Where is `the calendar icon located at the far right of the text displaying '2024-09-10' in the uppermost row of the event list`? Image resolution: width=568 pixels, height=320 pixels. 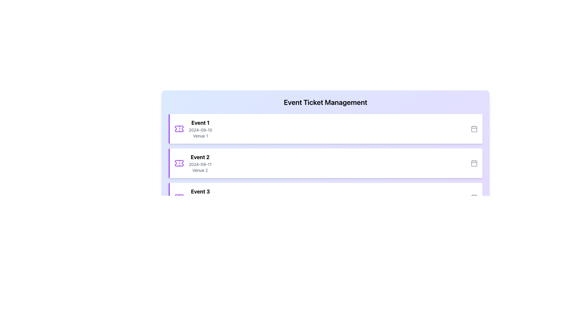 the calendar icon located at the far right of the text displaying '2024-09-10' in the uppermost row of the event list is located at coordinates (474, 129).